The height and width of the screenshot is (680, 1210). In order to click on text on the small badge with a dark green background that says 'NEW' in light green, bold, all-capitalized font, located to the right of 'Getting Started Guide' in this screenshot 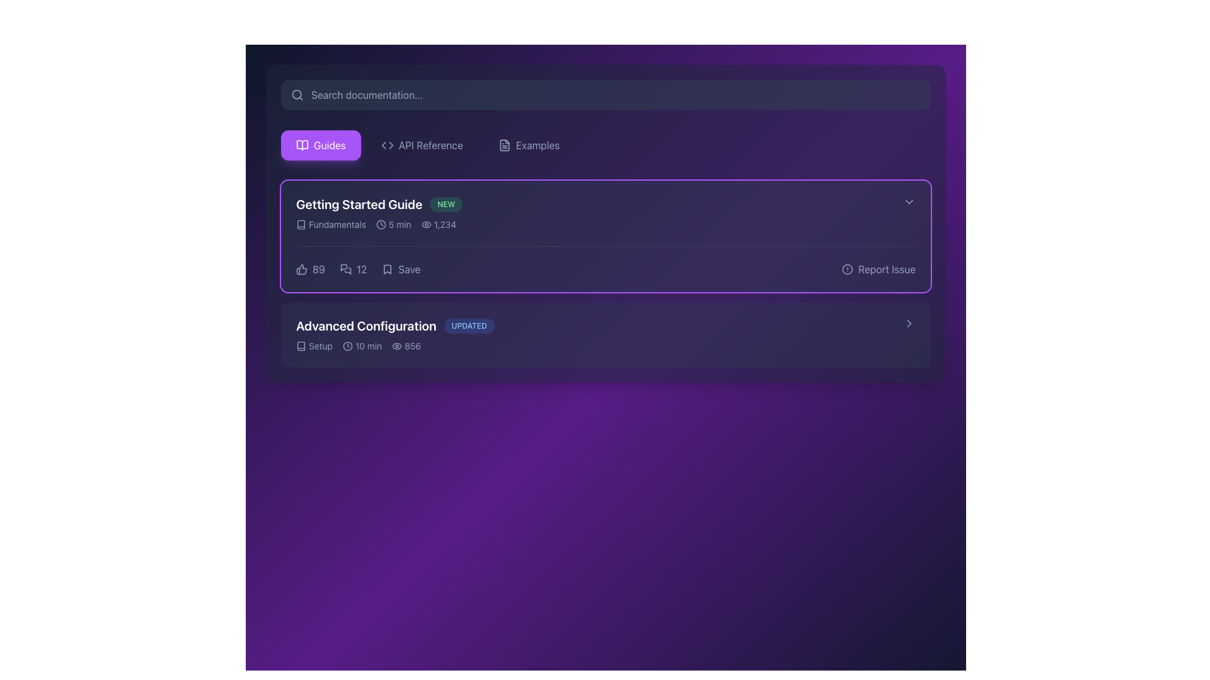, I will do `click(446, 203)`.